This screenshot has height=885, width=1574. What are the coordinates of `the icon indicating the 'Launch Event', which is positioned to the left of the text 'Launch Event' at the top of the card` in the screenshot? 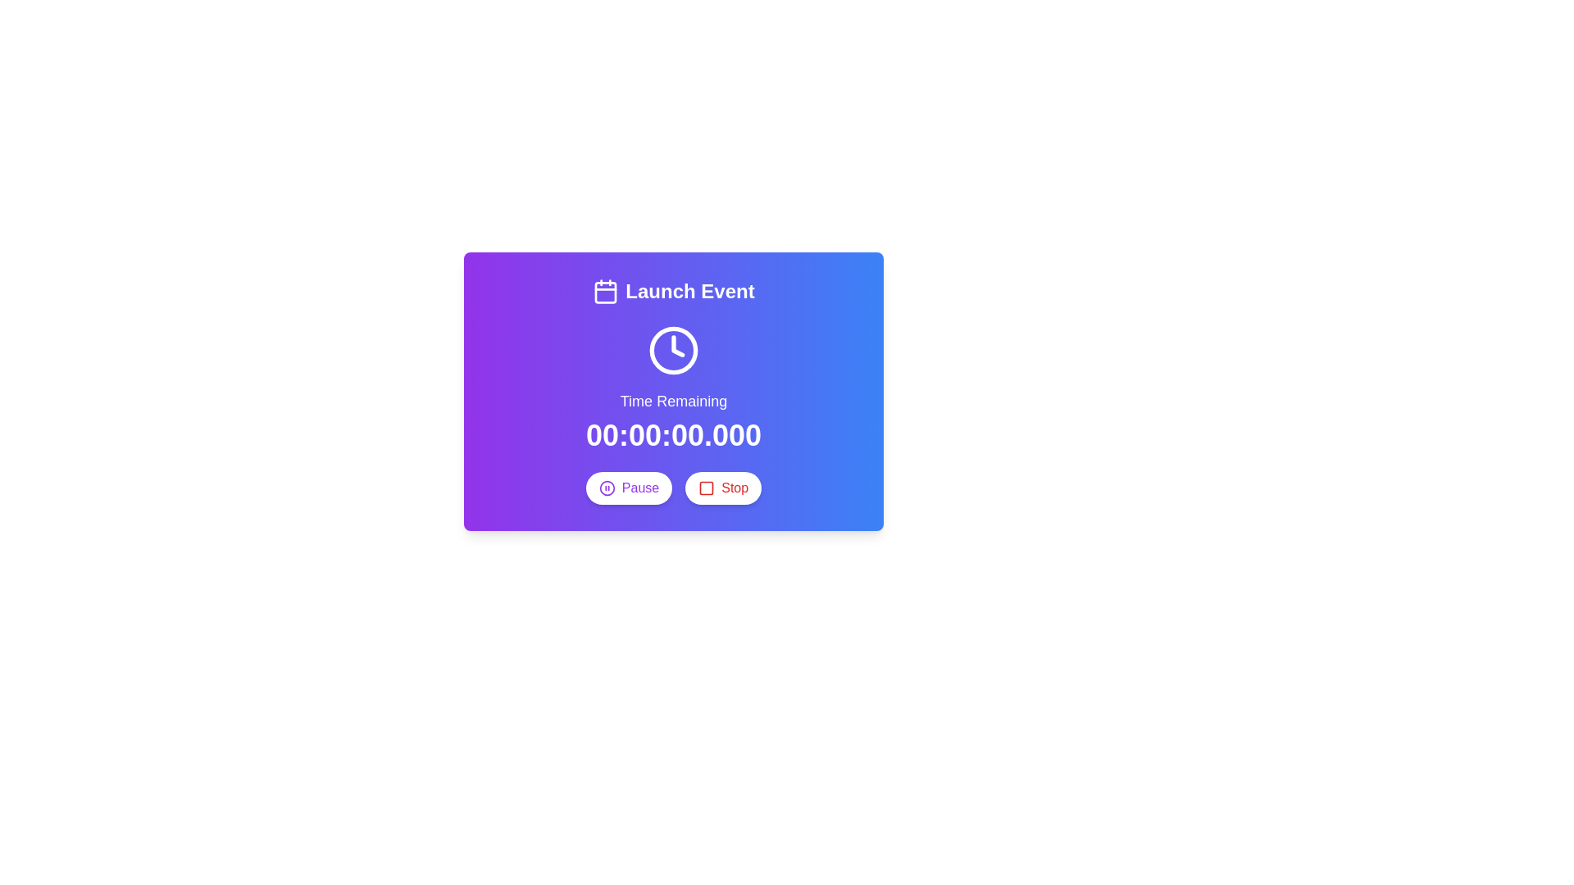 It's located at (605, 290).